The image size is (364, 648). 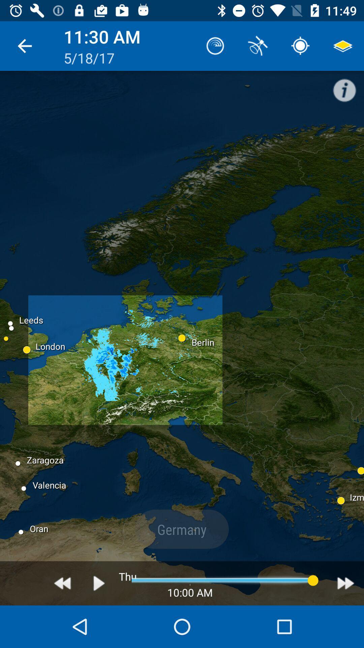 What do you see at coordinates (345, 583) in the screenshot?
I see `fast foward` at bounding box center [345, 583].